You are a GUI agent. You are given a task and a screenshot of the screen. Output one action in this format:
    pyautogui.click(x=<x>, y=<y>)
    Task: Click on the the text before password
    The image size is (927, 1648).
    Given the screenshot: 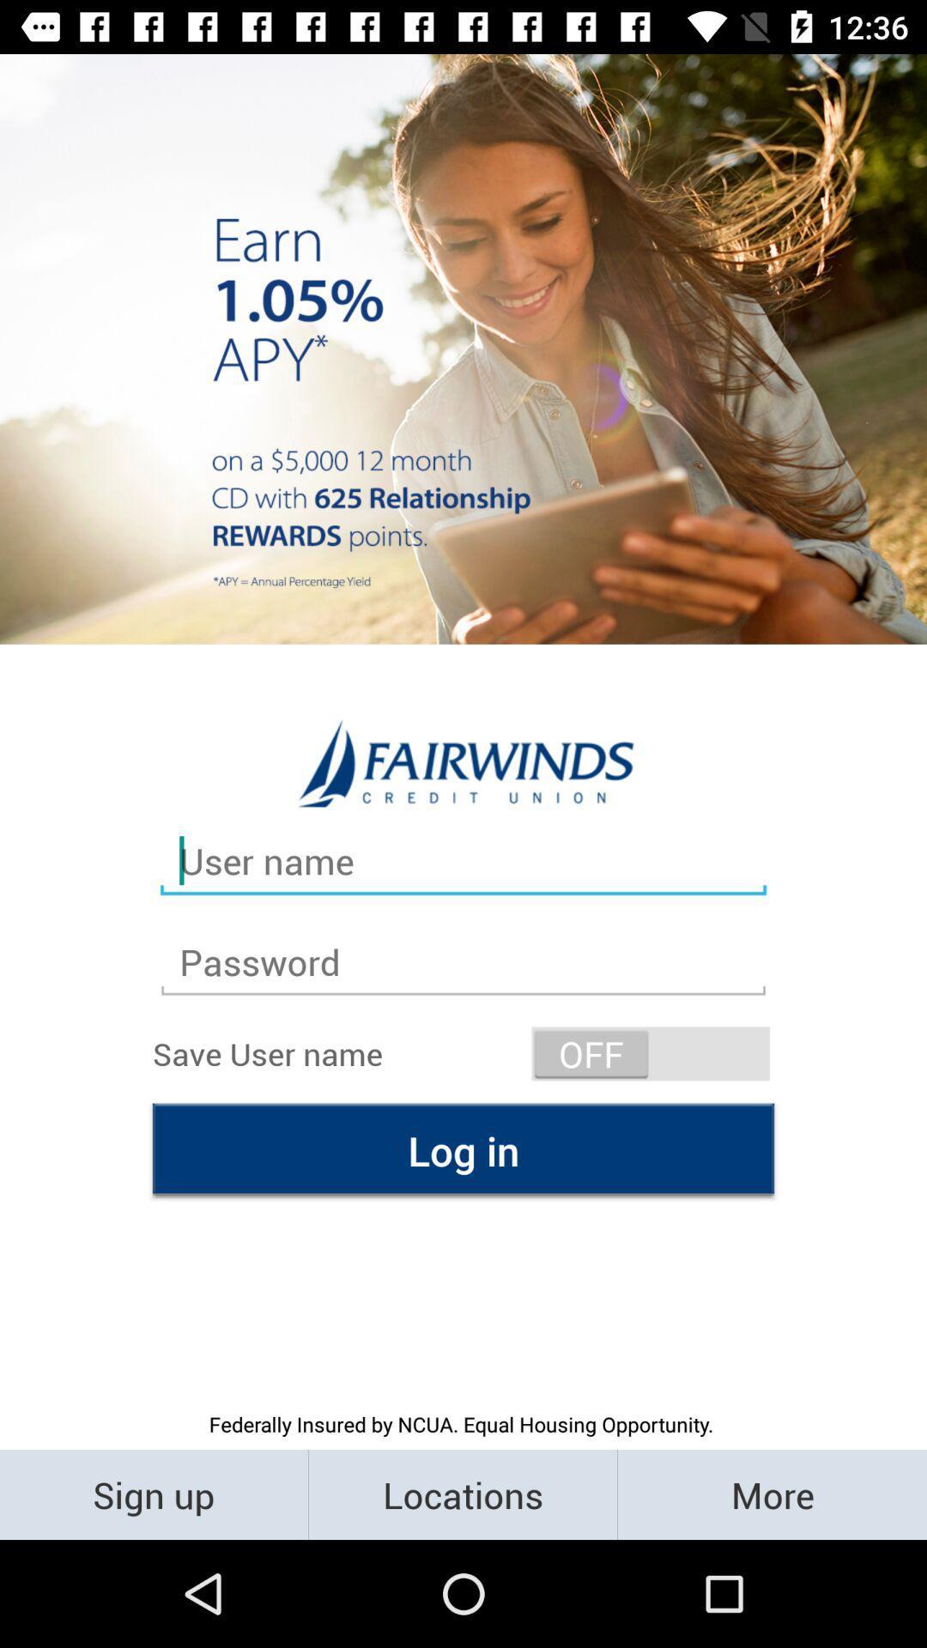 What is the action you would take?
    pyautogui.click(x=463, y=861)
    